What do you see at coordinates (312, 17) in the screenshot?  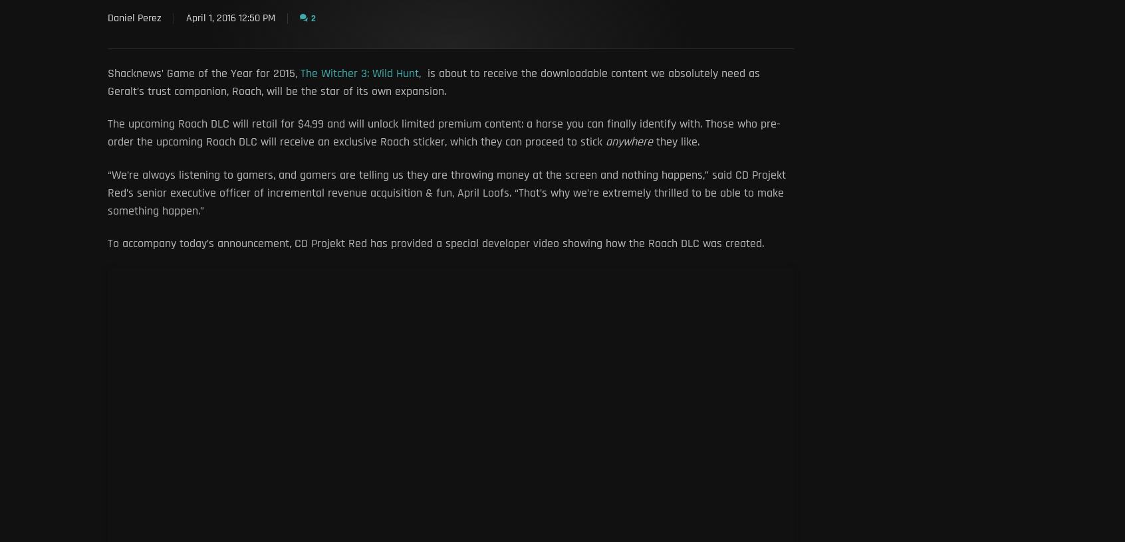 I see `'2'` at bounding box center [312, 17].